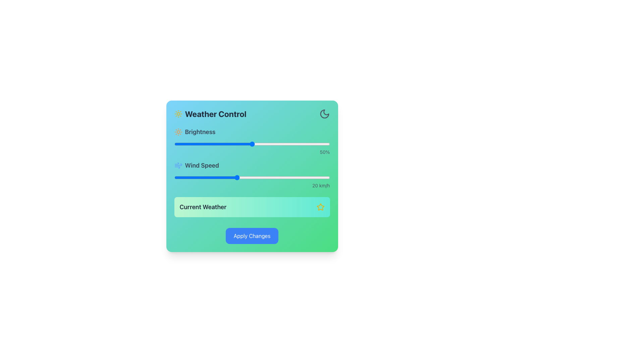  Describe the element at coordinates (179, 143) in the screenshot. I see `the brightness level` at that location.